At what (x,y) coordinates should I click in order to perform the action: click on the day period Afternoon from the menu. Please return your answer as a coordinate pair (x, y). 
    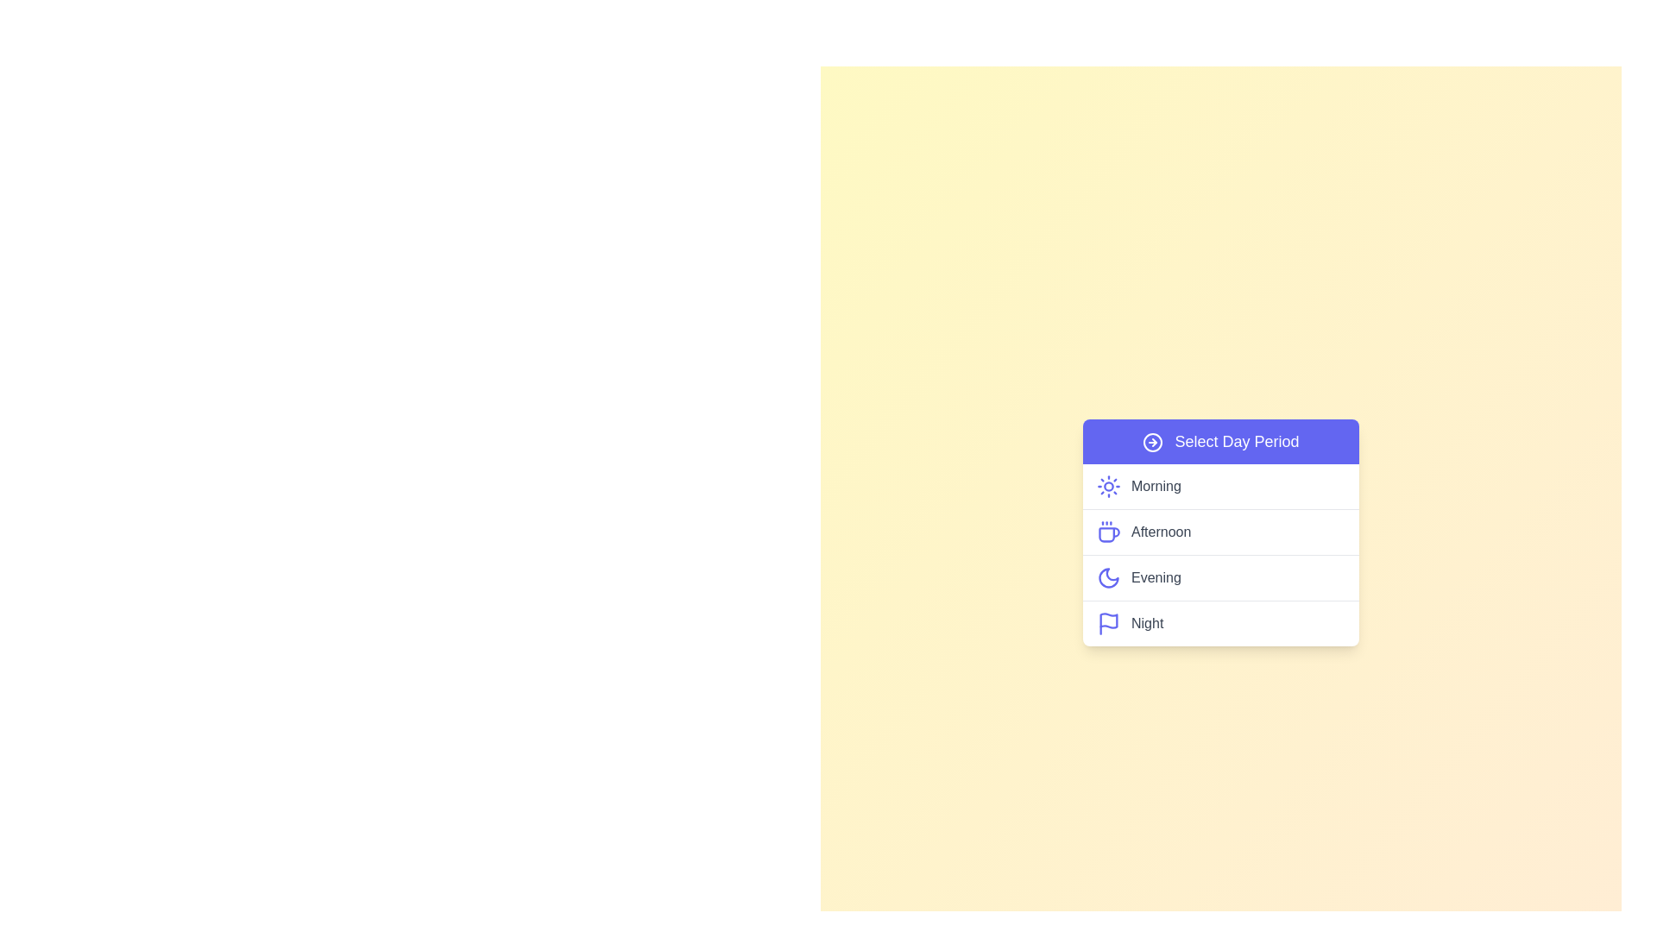
    Looking at the image, I should click on (1220, 531).